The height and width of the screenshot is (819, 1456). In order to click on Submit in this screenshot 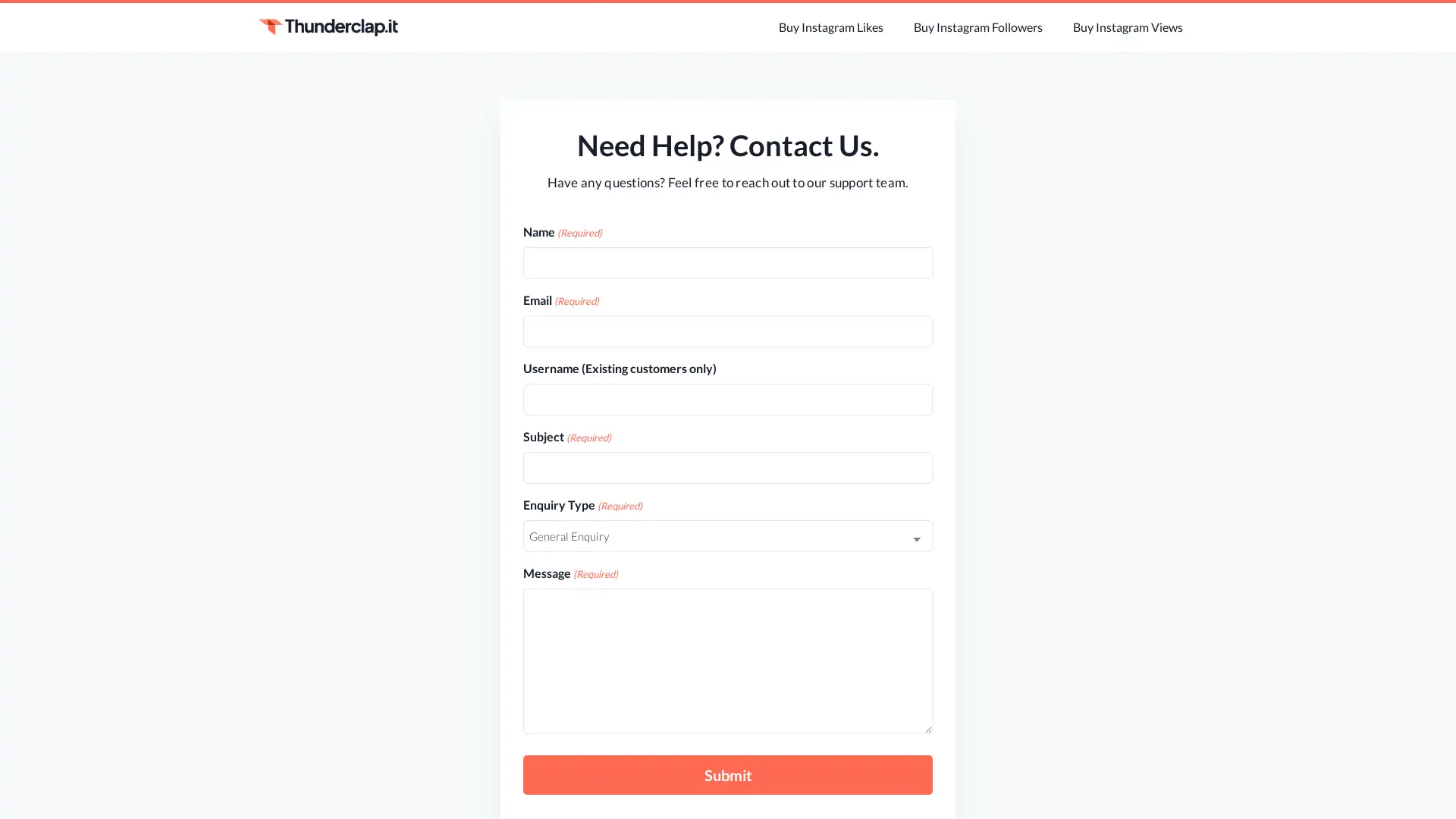, I will do `click(728, 775)`.